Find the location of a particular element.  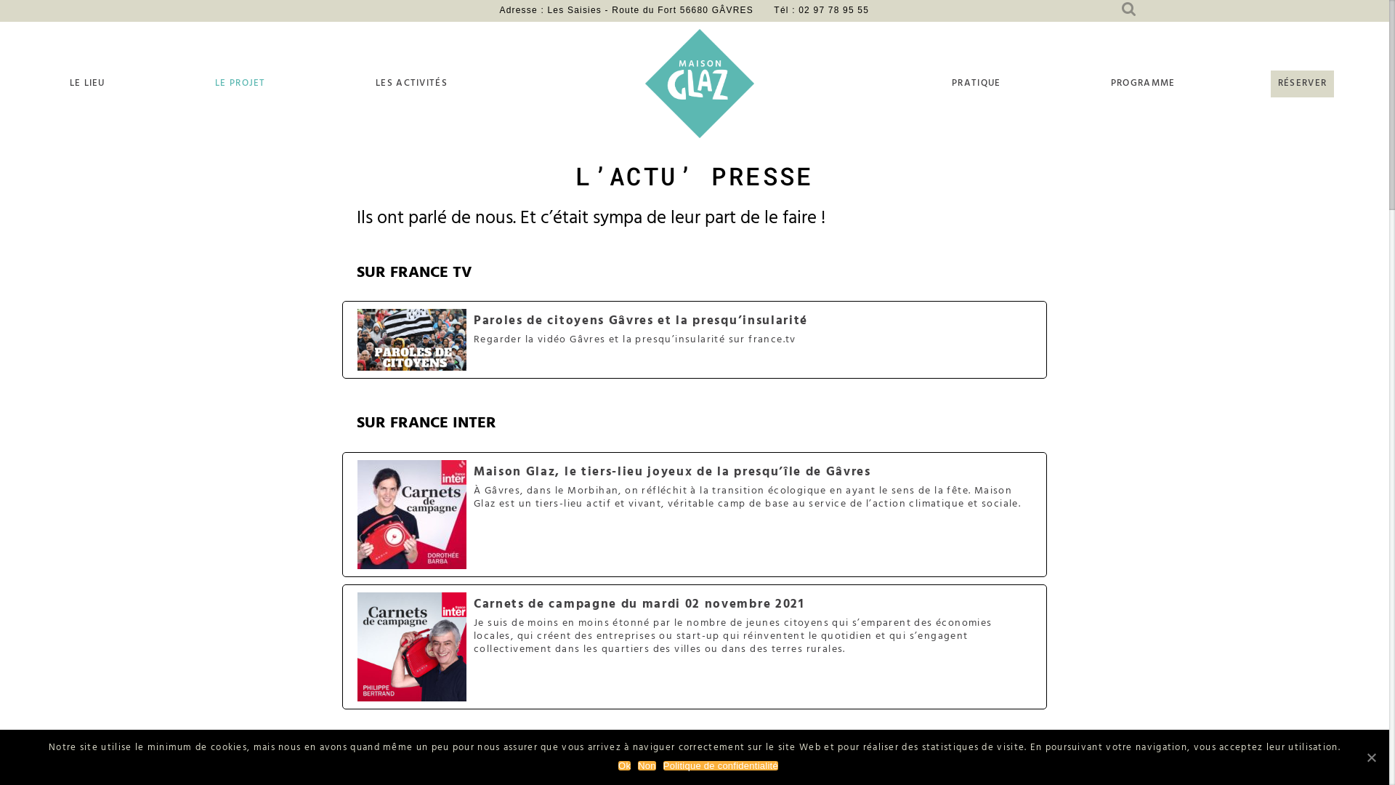

'Non' is located at coordinates (646, 765).